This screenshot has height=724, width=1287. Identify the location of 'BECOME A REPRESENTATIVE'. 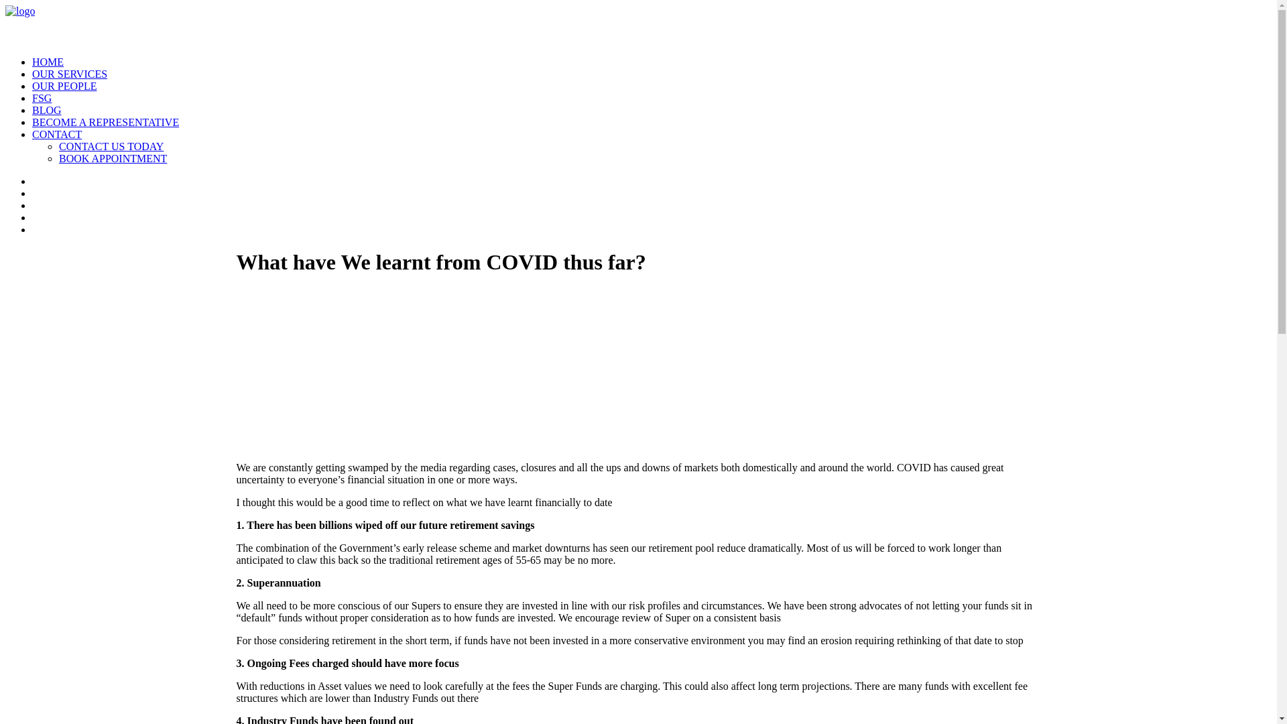
(32, 122).